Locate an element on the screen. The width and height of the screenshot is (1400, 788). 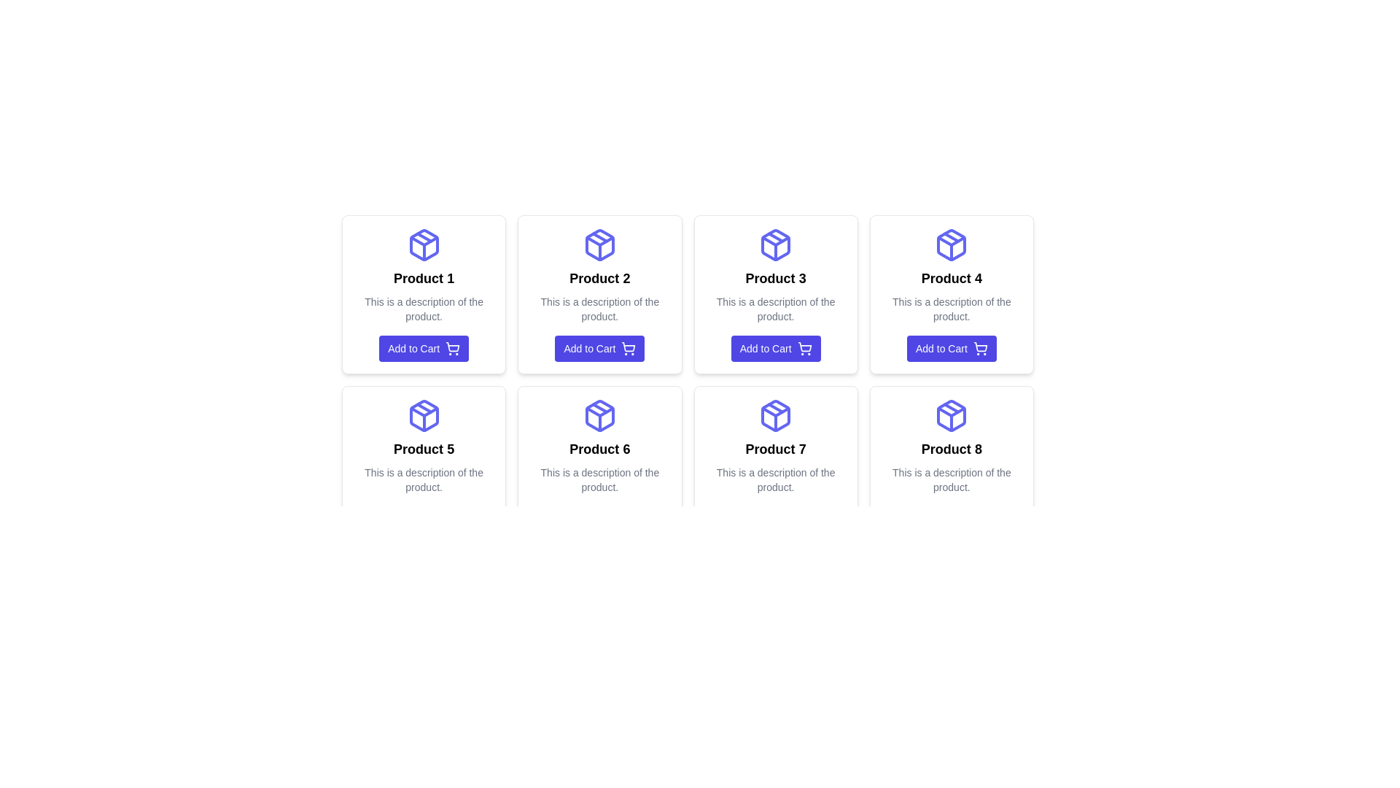
the indigo blue 3D box logo icon located above the text 'Product 2' in the second tile of the first row of the product grid layout is located at coordinates (599, 244).